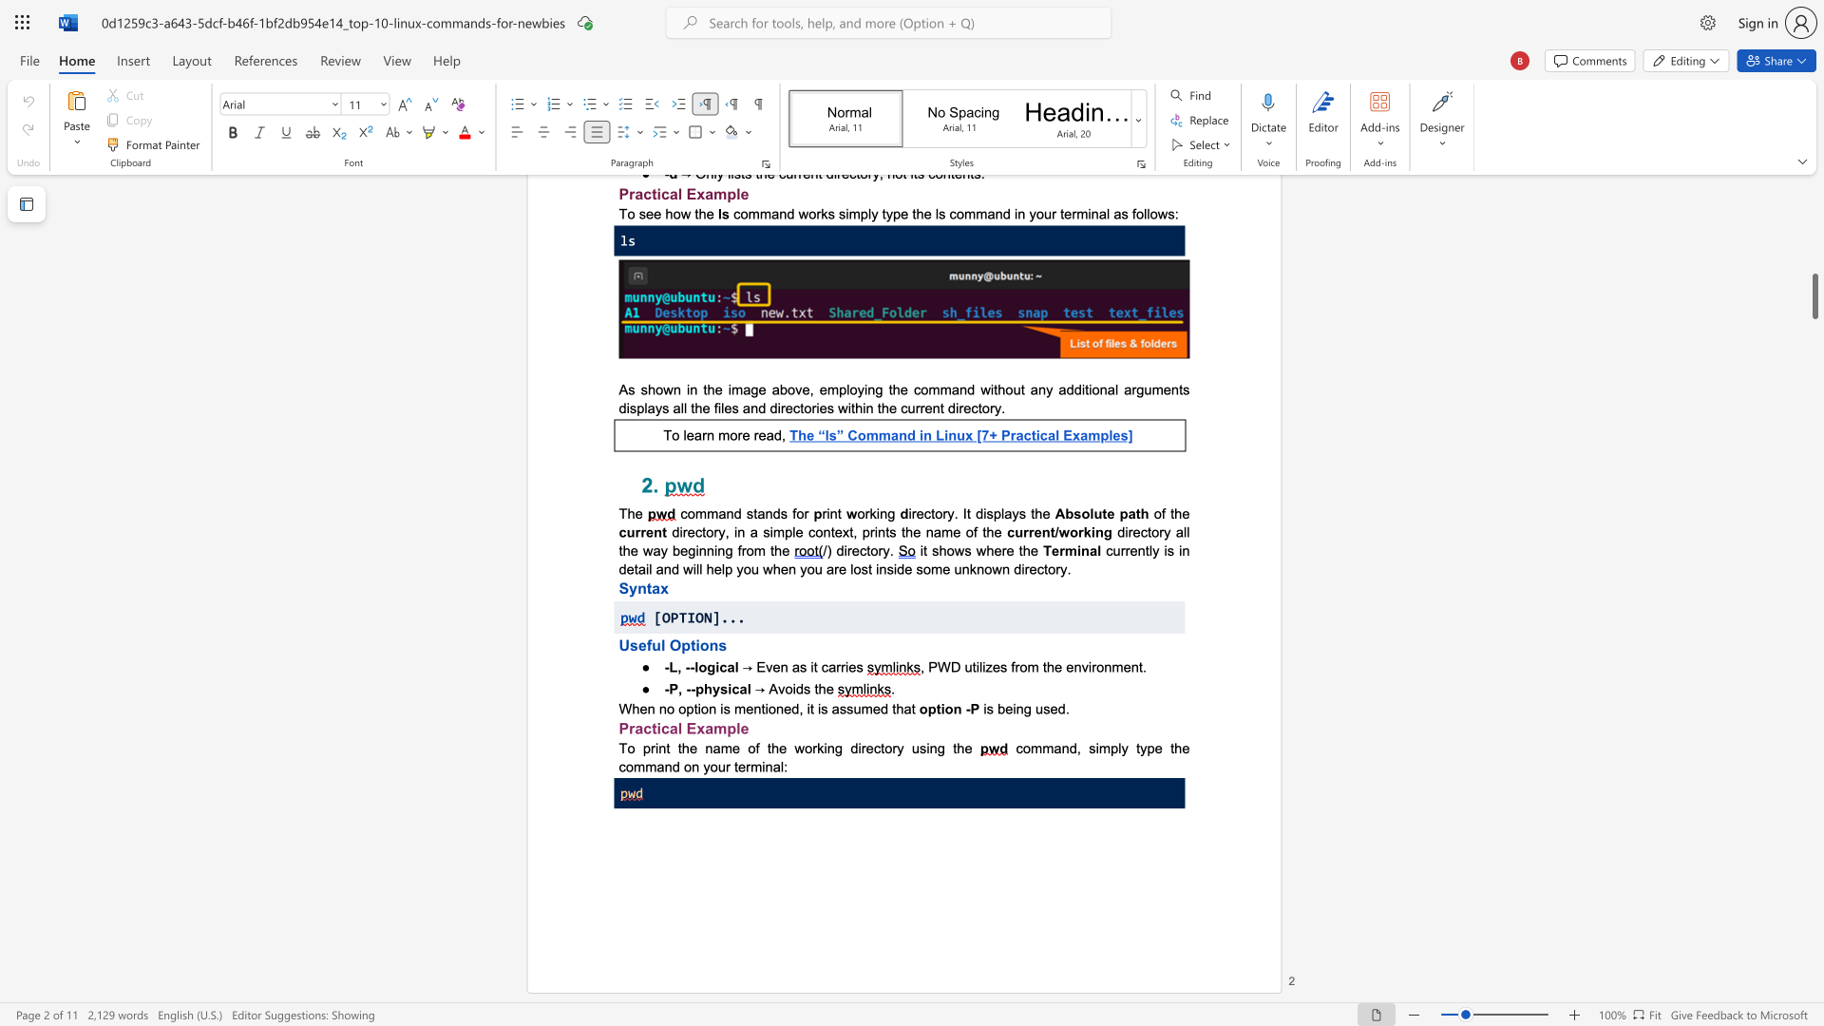  Describe the element at coordinates (998, 666) in the screenshot. I see `the subset text "s from" within the text ", PWD utilizes from the environment."` at that location.